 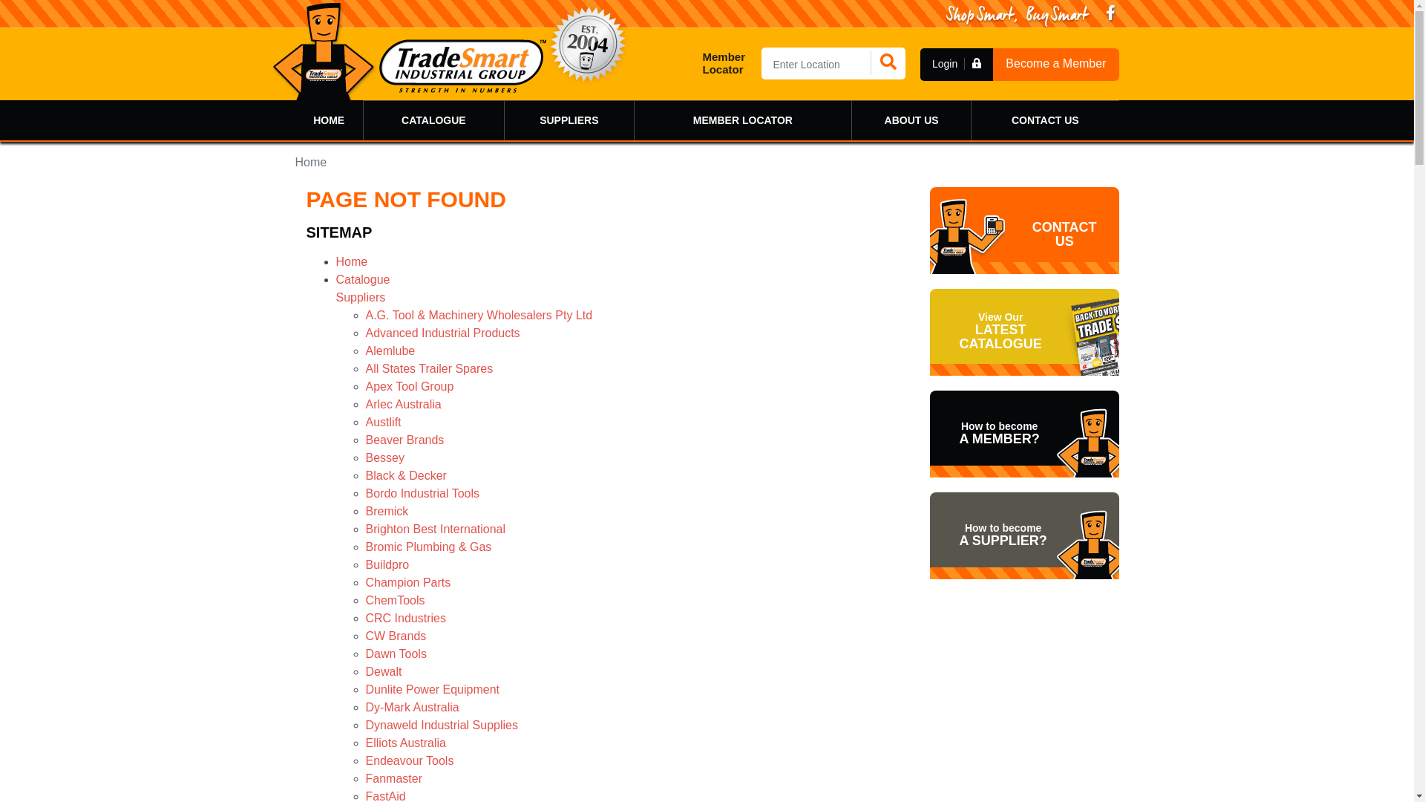 What do you see at coordinates (1023, 331) in the screenshot?
I see `'View Our` at bounding box center [1023, 331].